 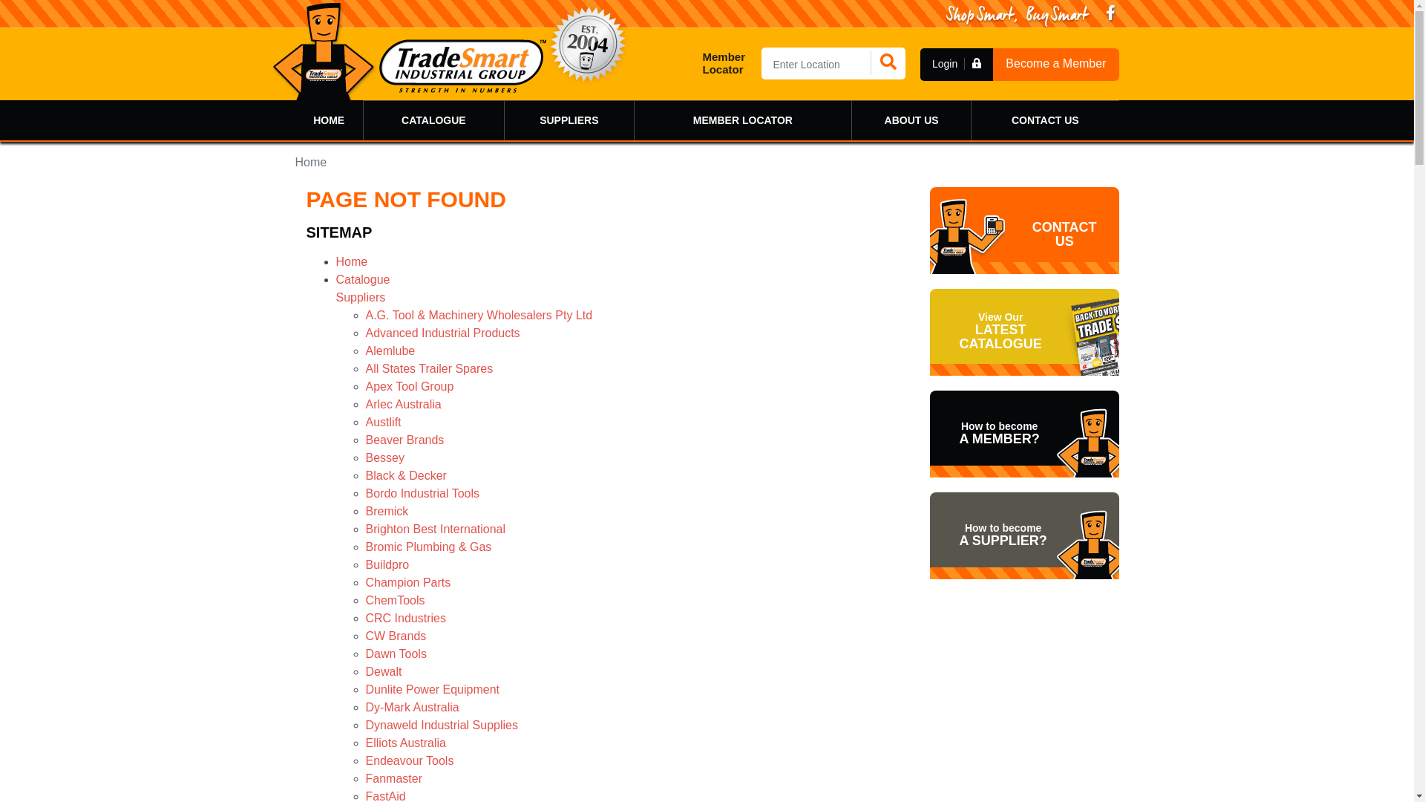 What do you see at coordinates (1023, 331) in the screenshot?
I see `'View Our` at bounding box center [1023, 331].